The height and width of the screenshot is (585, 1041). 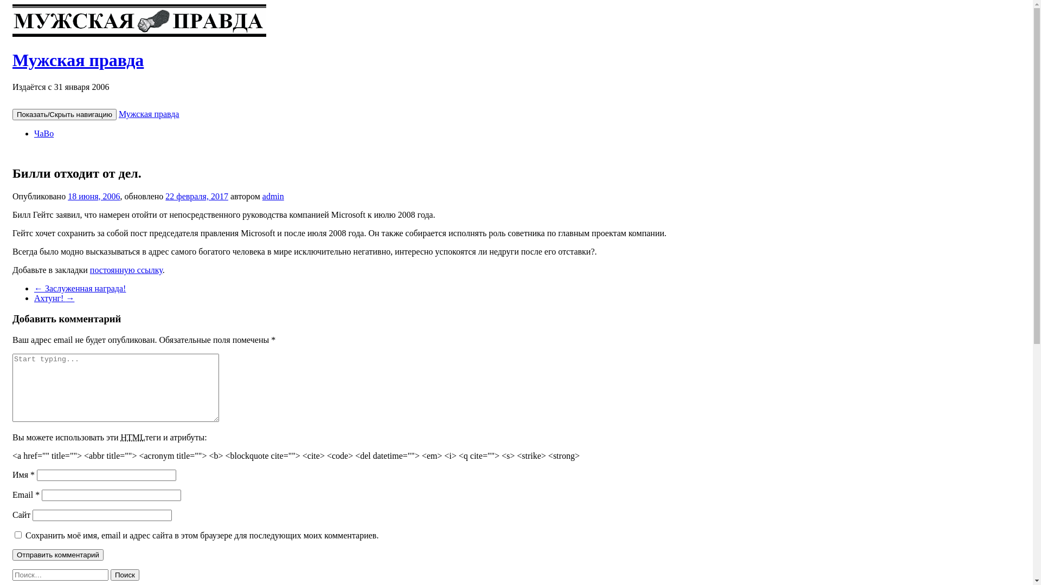 What do you see at coordinates (273, 196) in the screenshot?
I see `'admin'` at bounding box center [273, 196].